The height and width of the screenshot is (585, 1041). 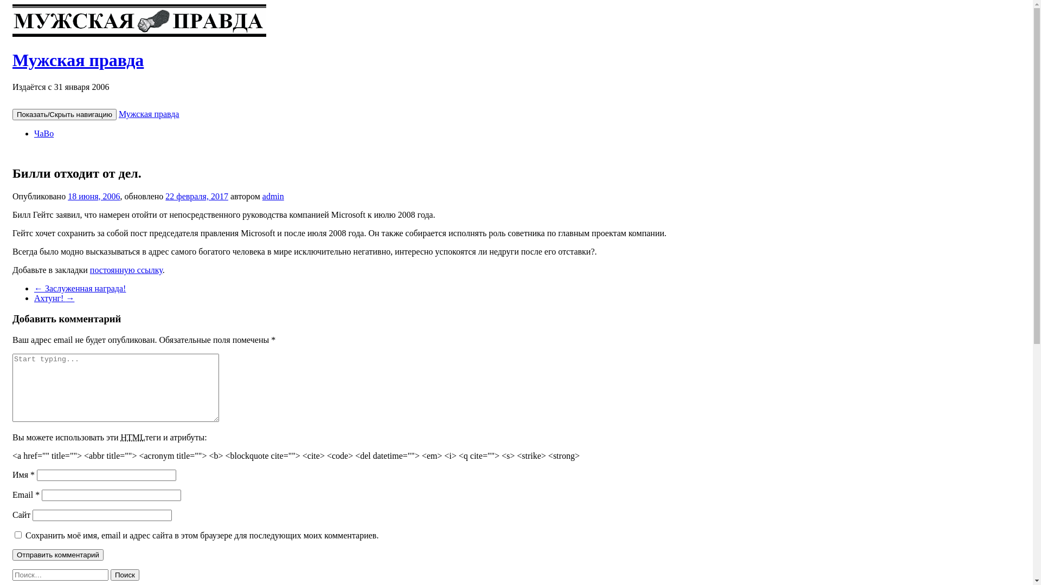 What do you see at coordinates (273, 196) in the screenshot?
I see `'admin'` at bounding box center [273, 196].